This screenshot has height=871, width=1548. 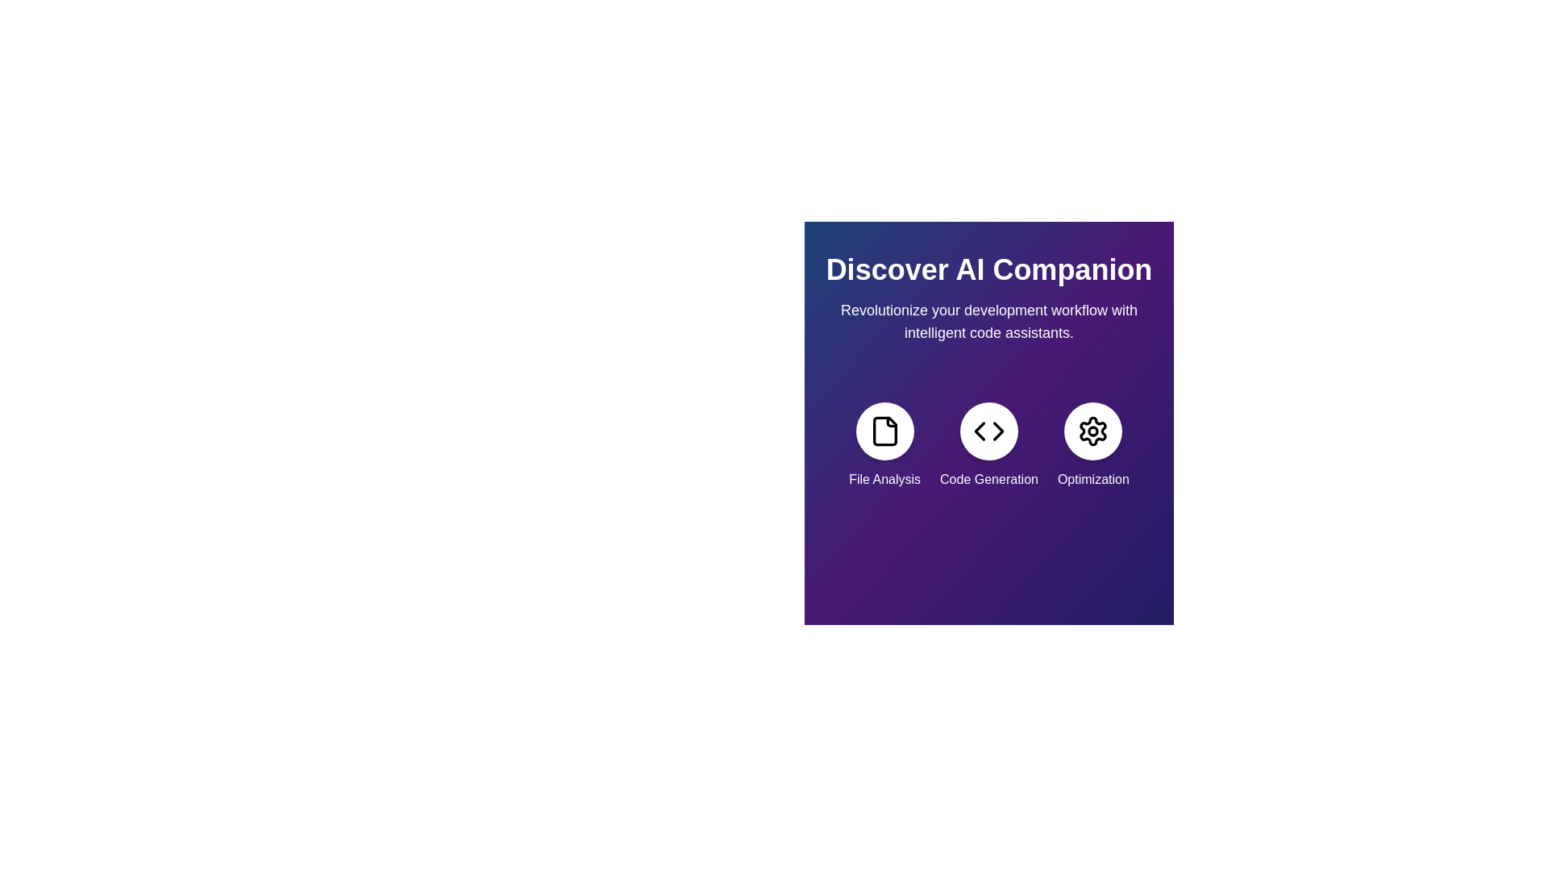 I want to click on the circular button with a white background and a black gear icon labeled 'Optimization' located under the 'Discover AI Companion' header, so click(x=1093, y=431).